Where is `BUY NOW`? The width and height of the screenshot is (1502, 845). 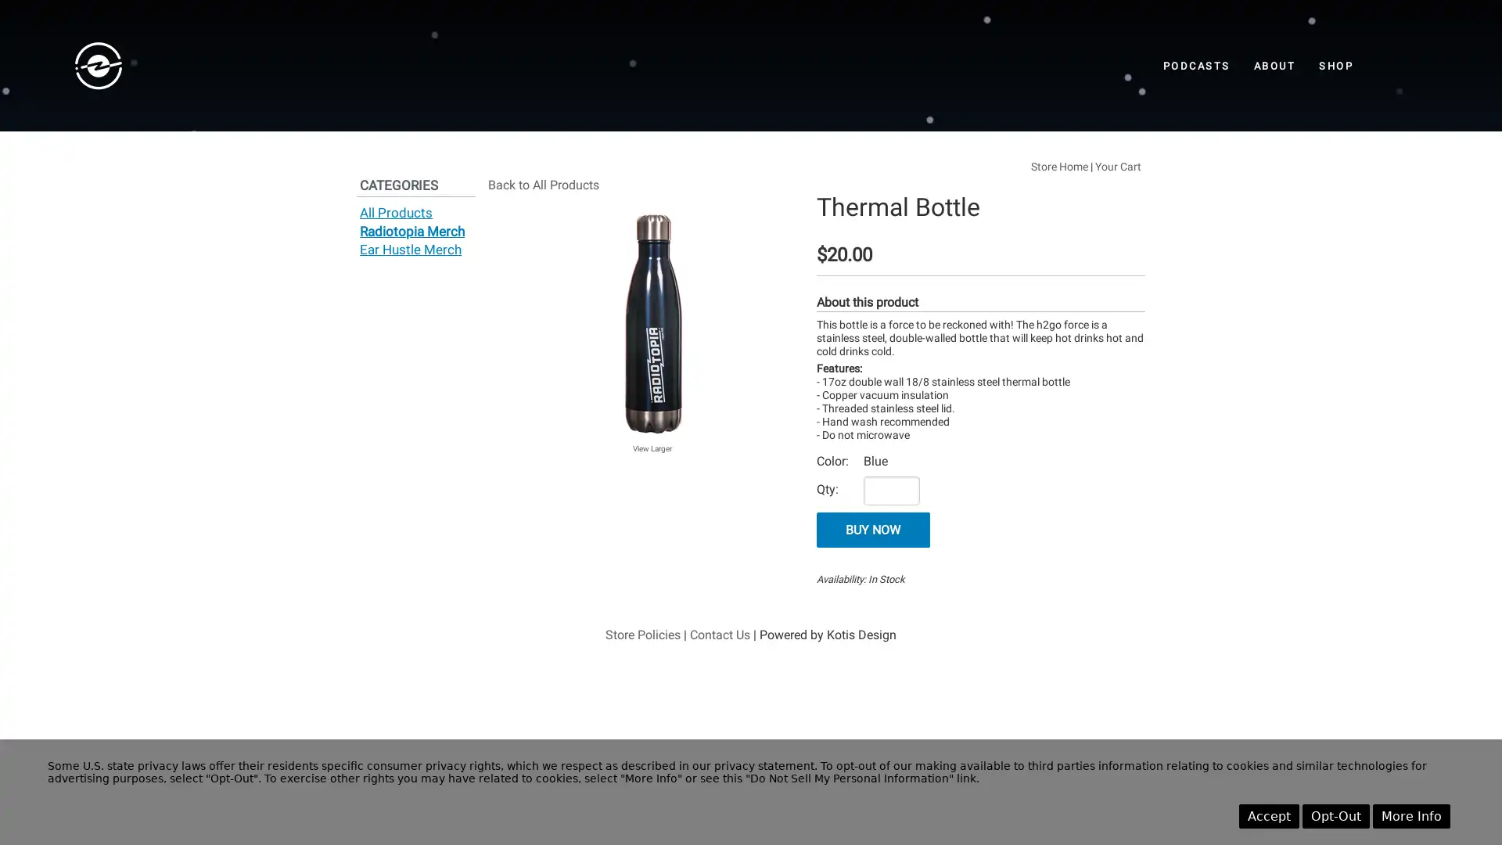
BUY NOW is located at coordinates (871, 529).